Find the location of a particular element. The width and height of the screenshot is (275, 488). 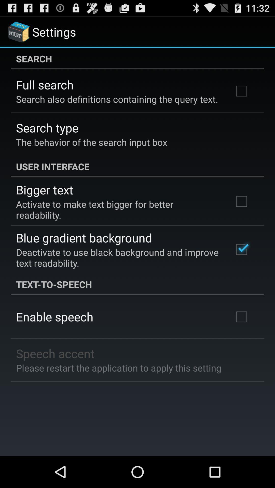

the app below the behavior of is located at coordinates (137, 166).